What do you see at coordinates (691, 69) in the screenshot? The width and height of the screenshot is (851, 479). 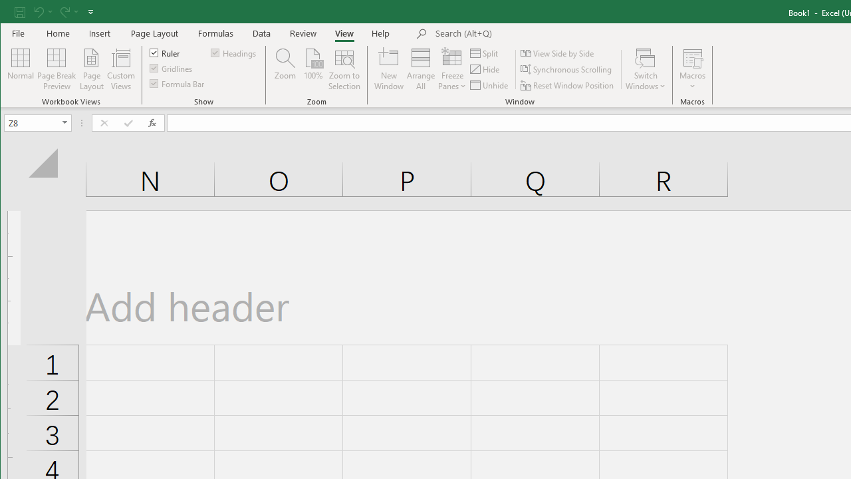 I see `'Macros'` at bounding box center [691, 69].